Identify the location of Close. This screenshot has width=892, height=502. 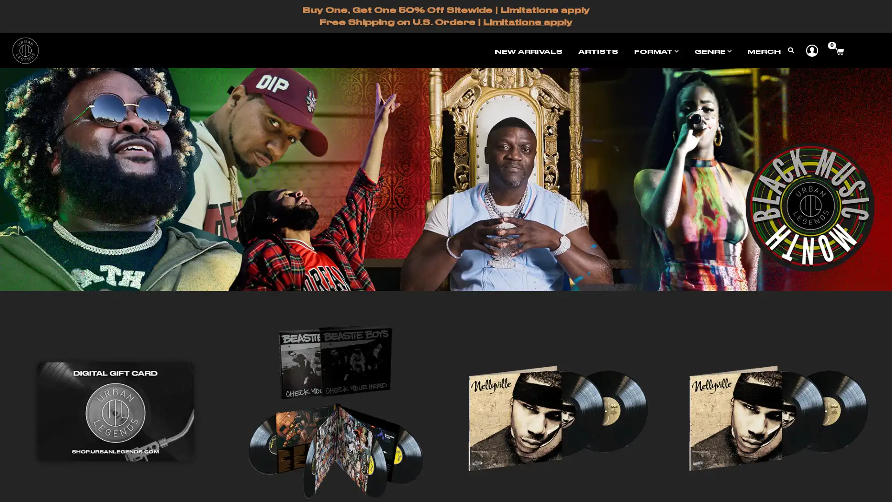
(524, 66).